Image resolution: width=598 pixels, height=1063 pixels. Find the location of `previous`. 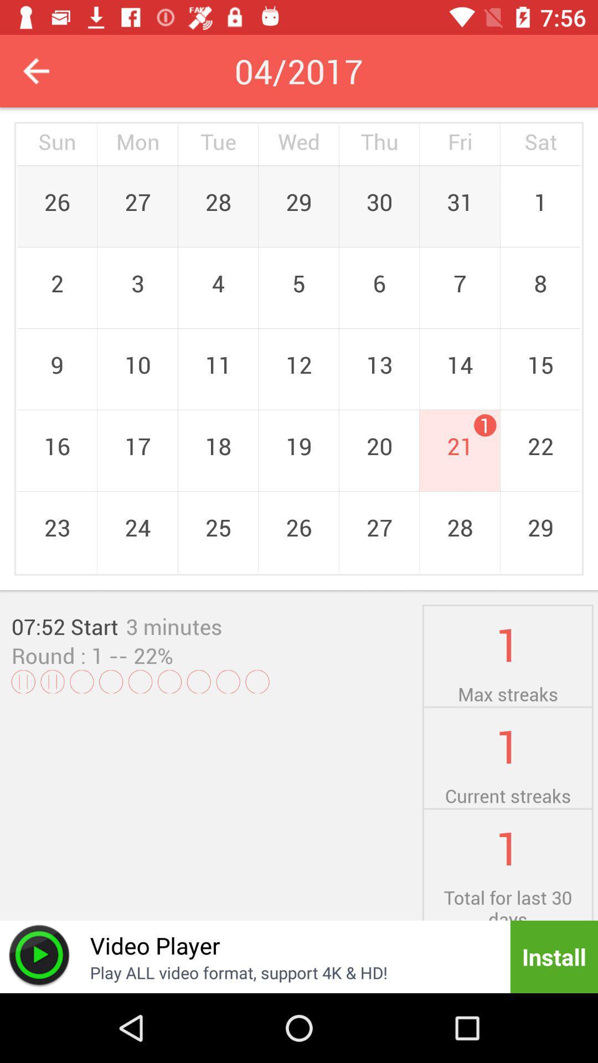

previous is located at coordinates (35, 70).